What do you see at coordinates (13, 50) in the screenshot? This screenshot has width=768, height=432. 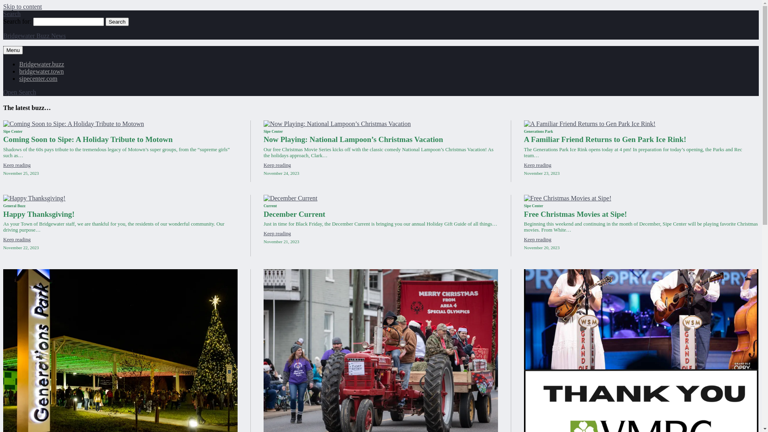 I see `'Menu'` at bounding box center [13, 50].